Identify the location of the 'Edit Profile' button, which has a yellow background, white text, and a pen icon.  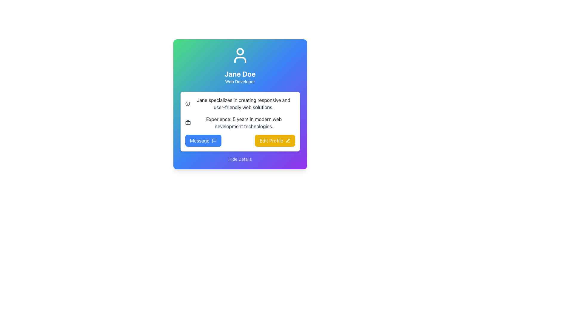
(275, 140).